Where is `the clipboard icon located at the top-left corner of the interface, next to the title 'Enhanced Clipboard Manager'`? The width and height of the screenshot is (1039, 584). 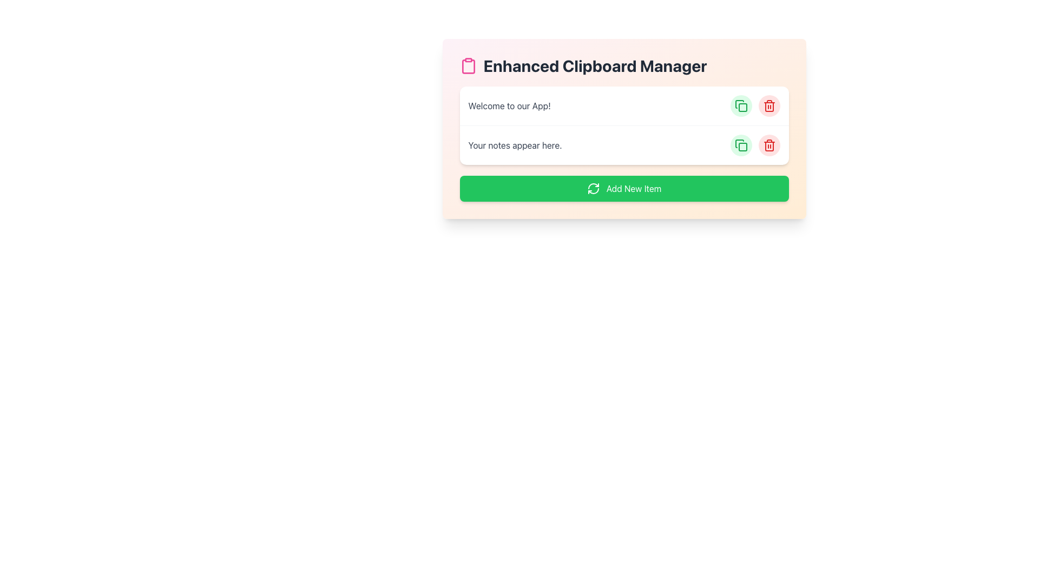 the clipboard icon located at the top-left corner of the interface, next to the title 'Enhanced Clipboard Manager' is located at coordinates (468, 67).